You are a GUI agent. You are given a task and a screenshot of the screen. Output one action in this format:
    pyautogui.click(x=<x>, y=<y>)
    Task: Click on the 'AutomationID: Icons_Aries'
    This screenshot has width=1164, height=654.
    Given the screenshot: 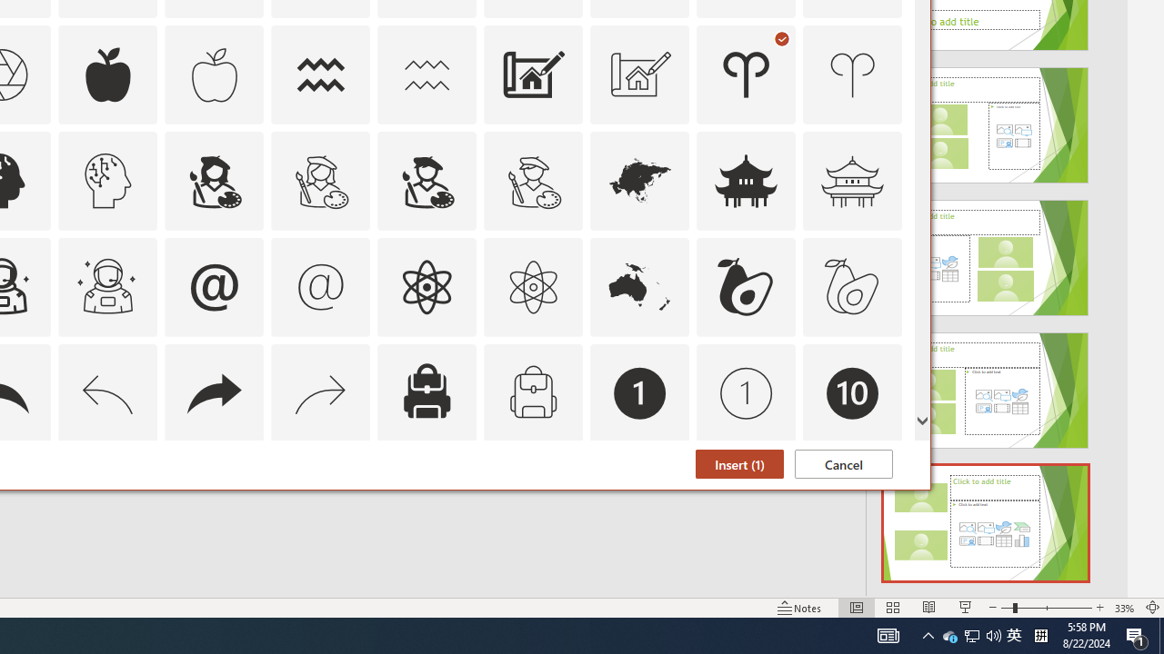 What is the action you would take?
    pyautogui.click(x=747, y=74)
    